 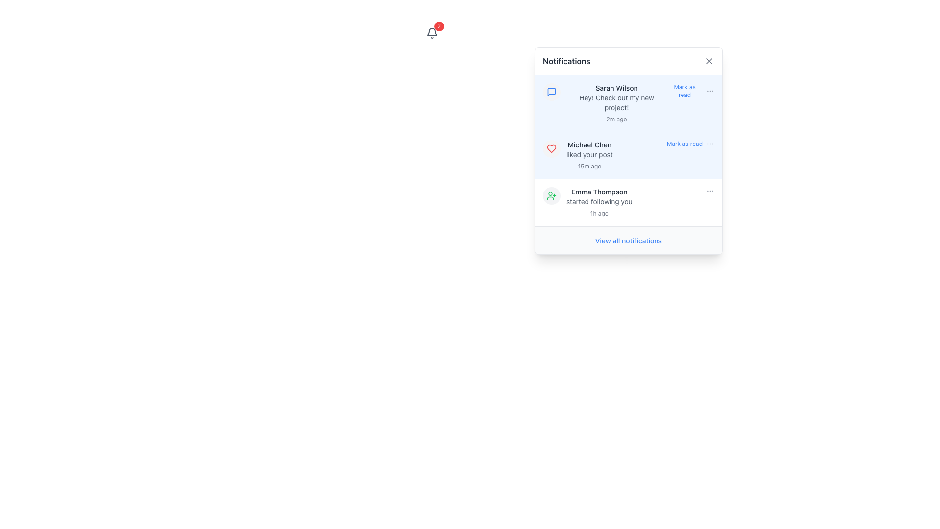 I want to click on the clickable text link styled in blue with the text 'Mark as read' located next to the notification from Michael Chen, so click(x=690, y=144).